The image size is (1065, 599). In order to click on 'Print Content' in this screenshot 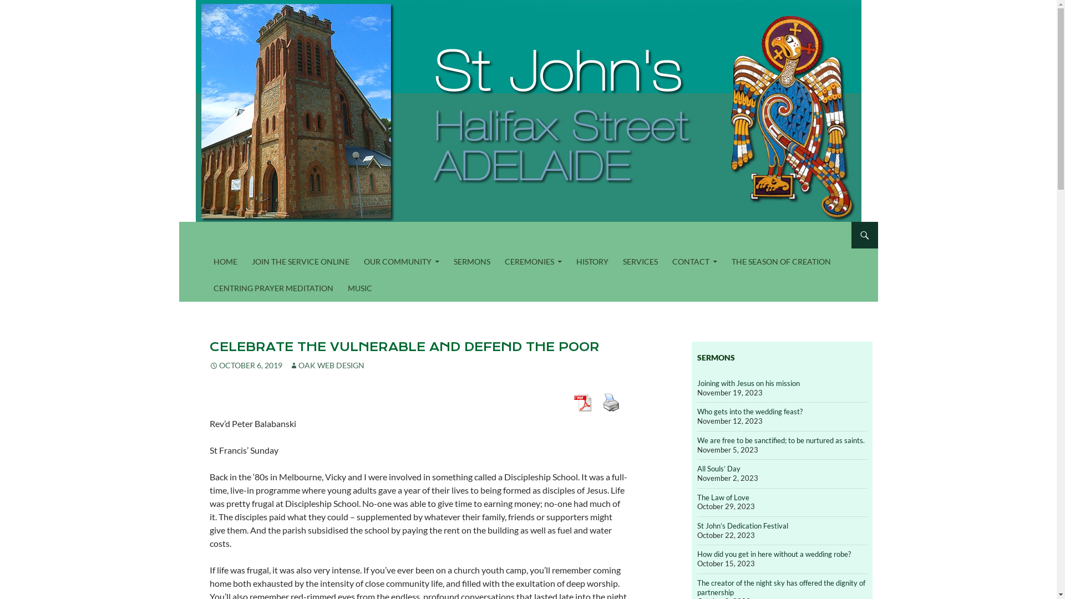, I will do `click(599, 402)`.